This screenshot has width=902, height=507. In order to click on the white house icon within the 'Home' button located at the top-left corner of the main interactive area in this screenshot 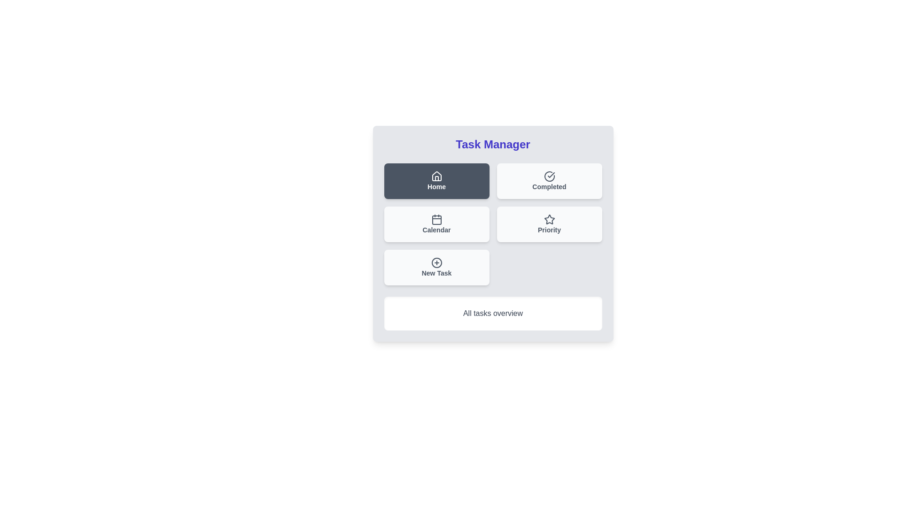, I will do `click(436, 176)`.